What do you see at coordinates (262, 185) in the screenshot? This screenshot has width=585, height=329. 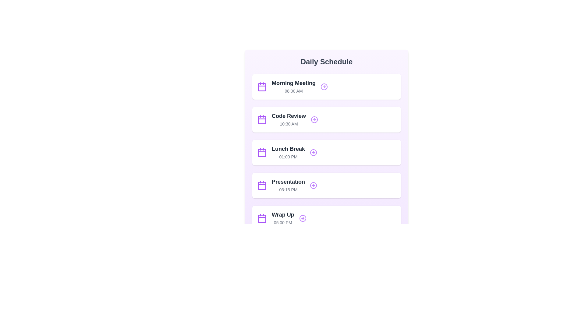 I see `the decorative visual component of the calendar icon representing the 'Presentation' event in the schedule interface, which is the fourth item in the vertical stack` at bounding box center [262, 185].